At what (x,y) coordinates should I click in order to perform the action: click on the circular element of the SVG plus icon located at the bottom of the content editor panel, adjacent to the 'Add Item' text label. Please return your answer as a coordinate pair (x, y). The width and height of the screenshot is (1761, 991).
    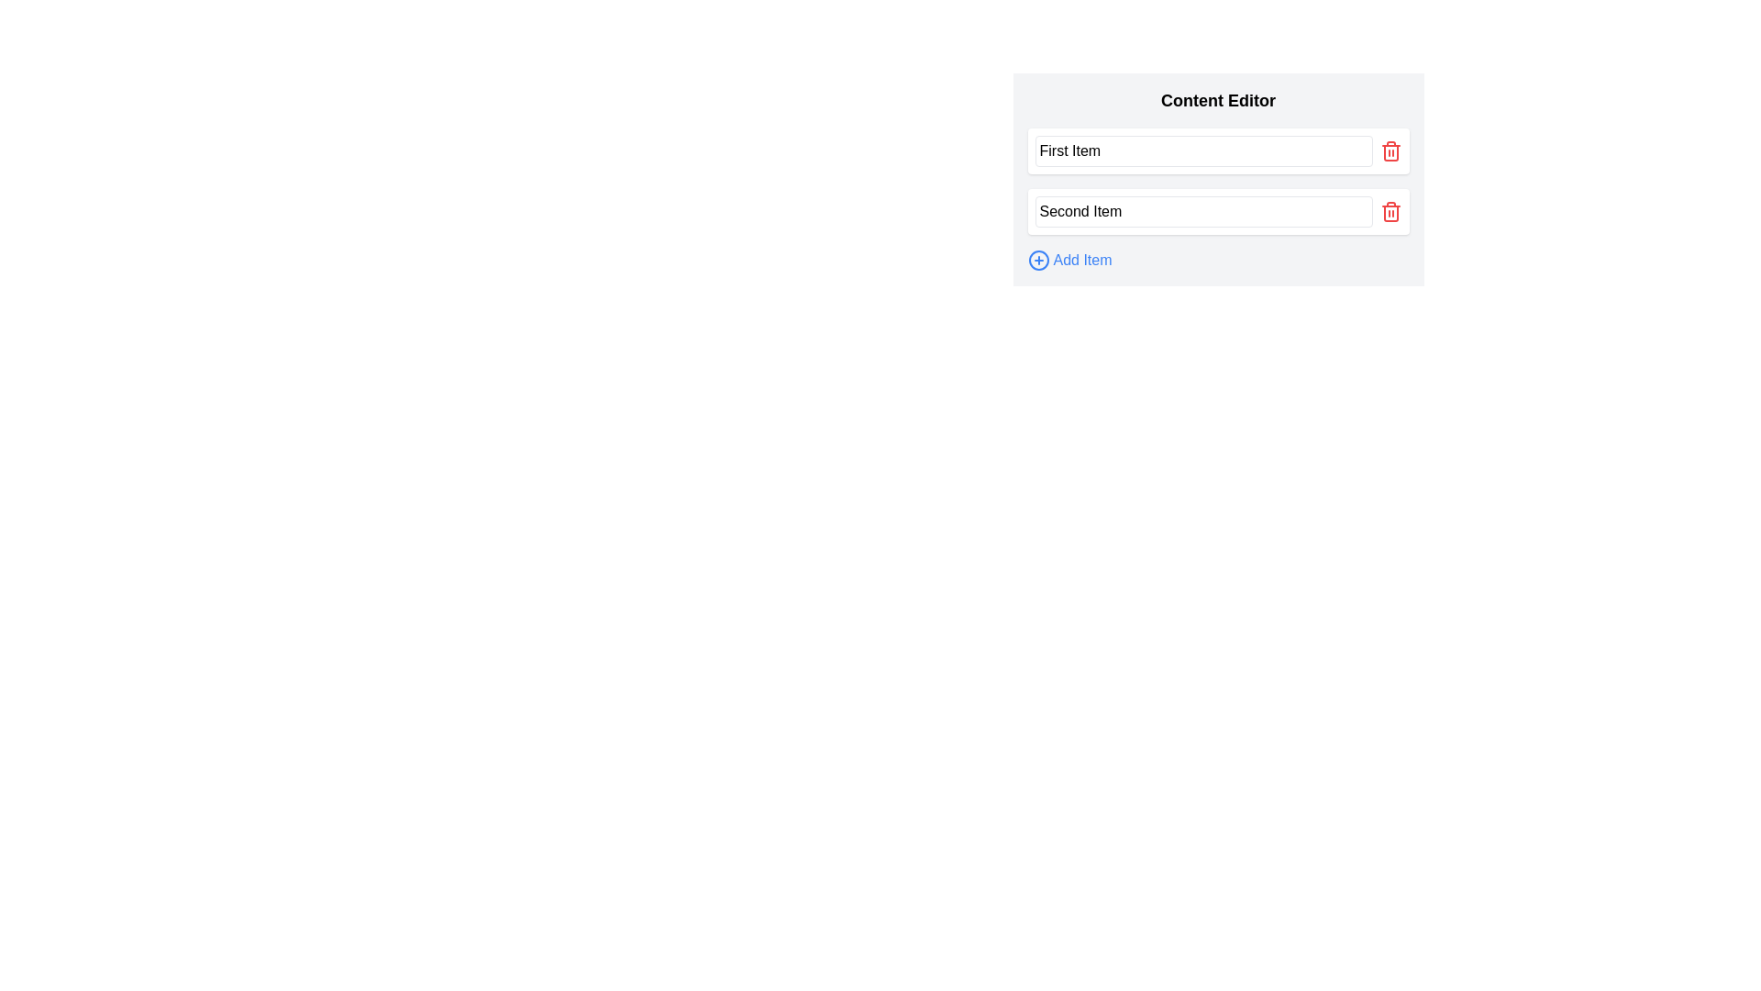
    Looking at the image, I should click on (1038, 261).